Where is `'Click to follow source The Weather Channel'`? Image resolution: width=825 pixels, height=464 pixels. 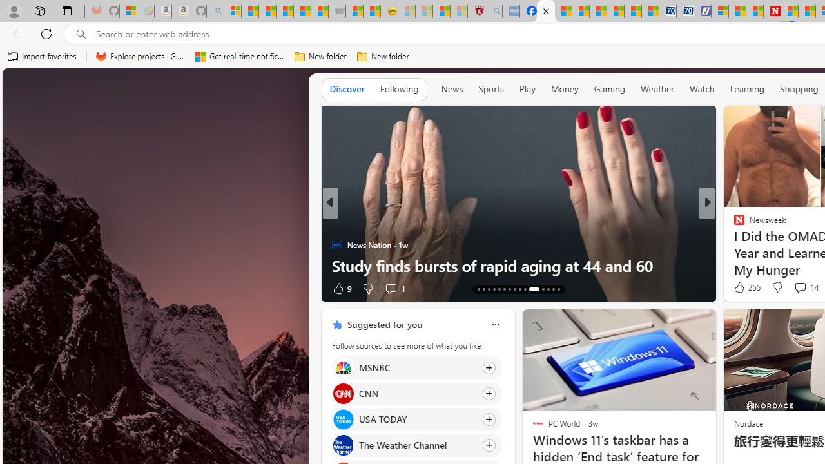
'Click to follow source The Weather Channel' is located at coordinates (417, 445).